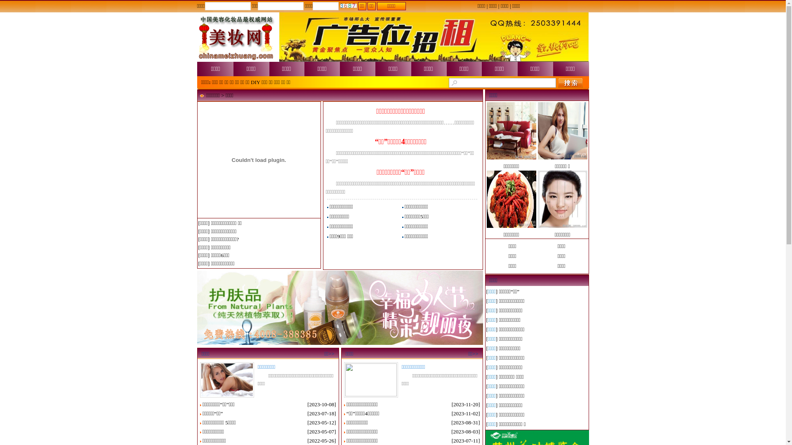  Describe the element at coordinates (255, 82) in the screenshot. I see `'DIY'` at that location.